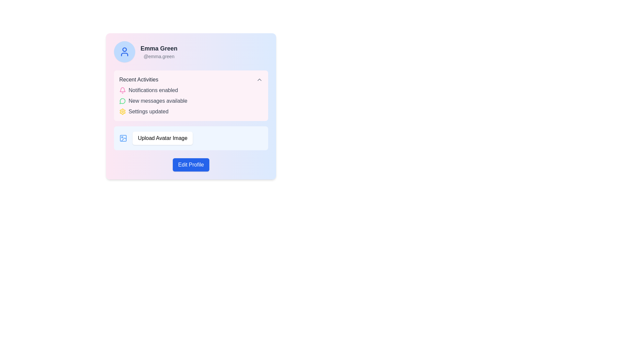  Describe the element at coordinates (123, 111) in the screenshot. I see `the settings icon that visually represents a configuration action, located in the Recent Activities section, next to the text 'Settings updated'` at that location.